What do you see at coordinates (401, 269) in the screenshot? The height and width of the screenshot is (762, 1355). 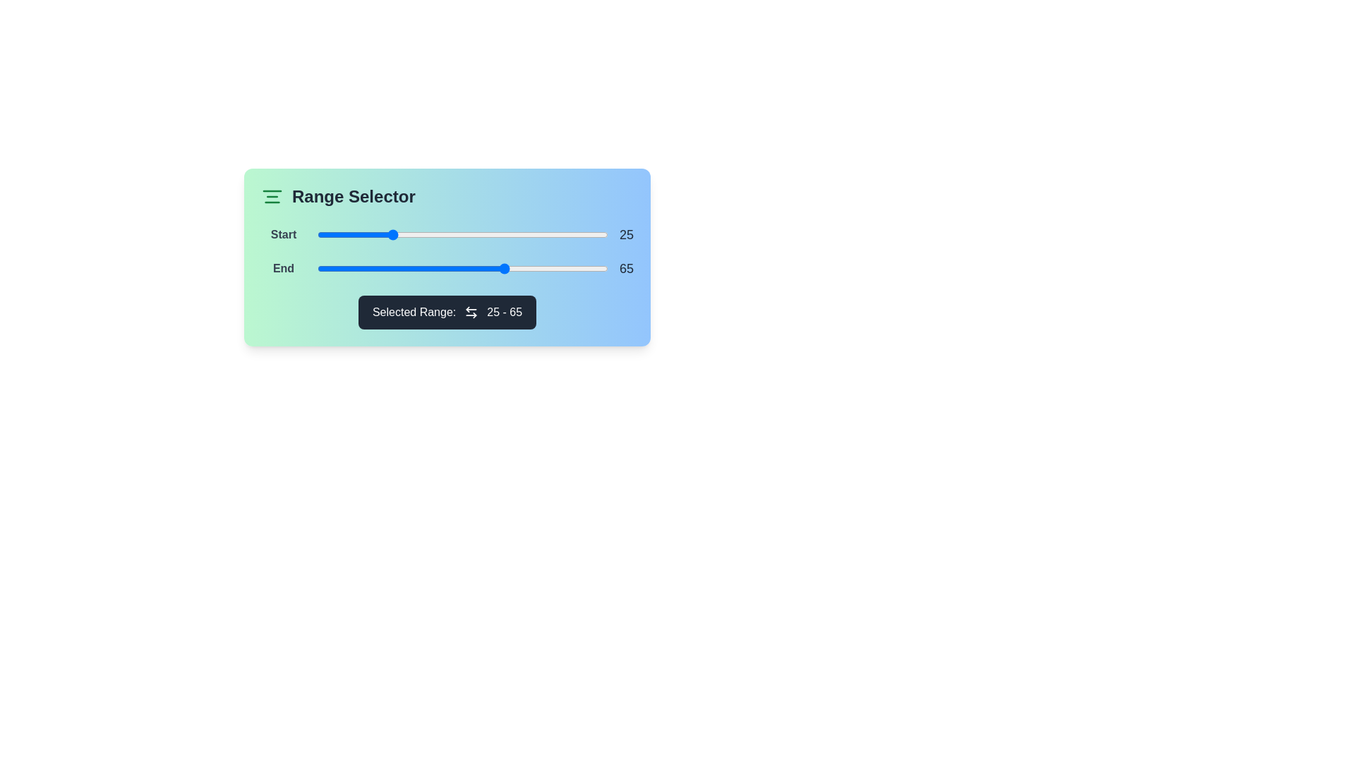 I see `the end range slider to 29 by dragging it to the desired position` at bounding box center [401, 269].